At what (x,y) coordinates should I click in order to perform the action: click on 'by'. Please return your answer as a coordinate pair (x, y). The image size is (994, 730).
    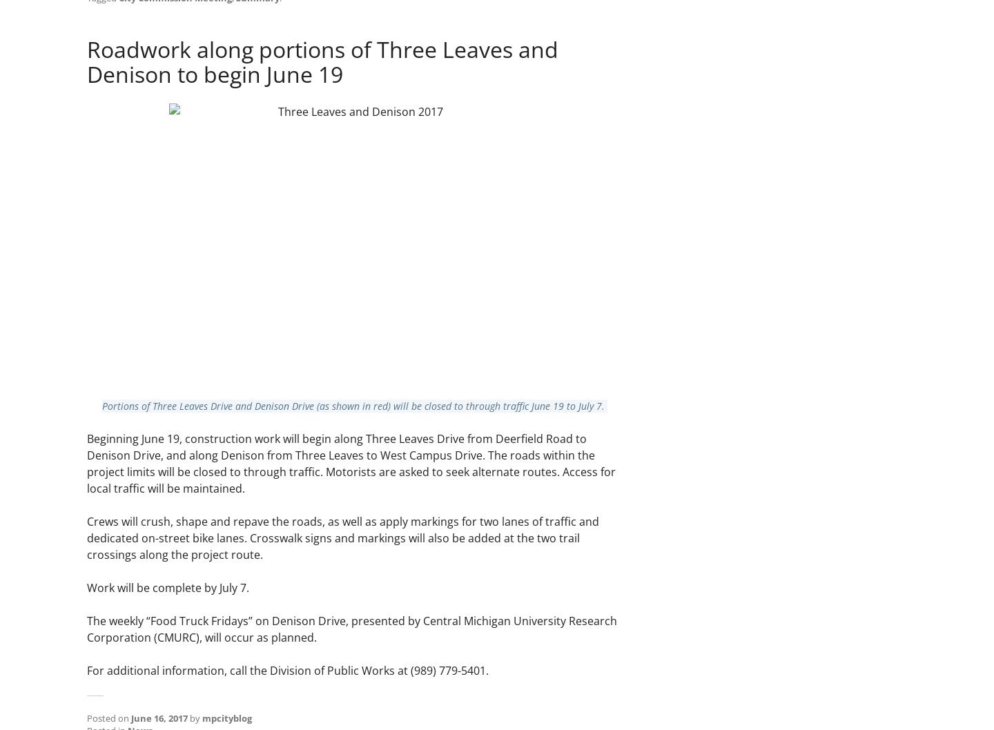
    Looking at the image, I should click on (187, 717).